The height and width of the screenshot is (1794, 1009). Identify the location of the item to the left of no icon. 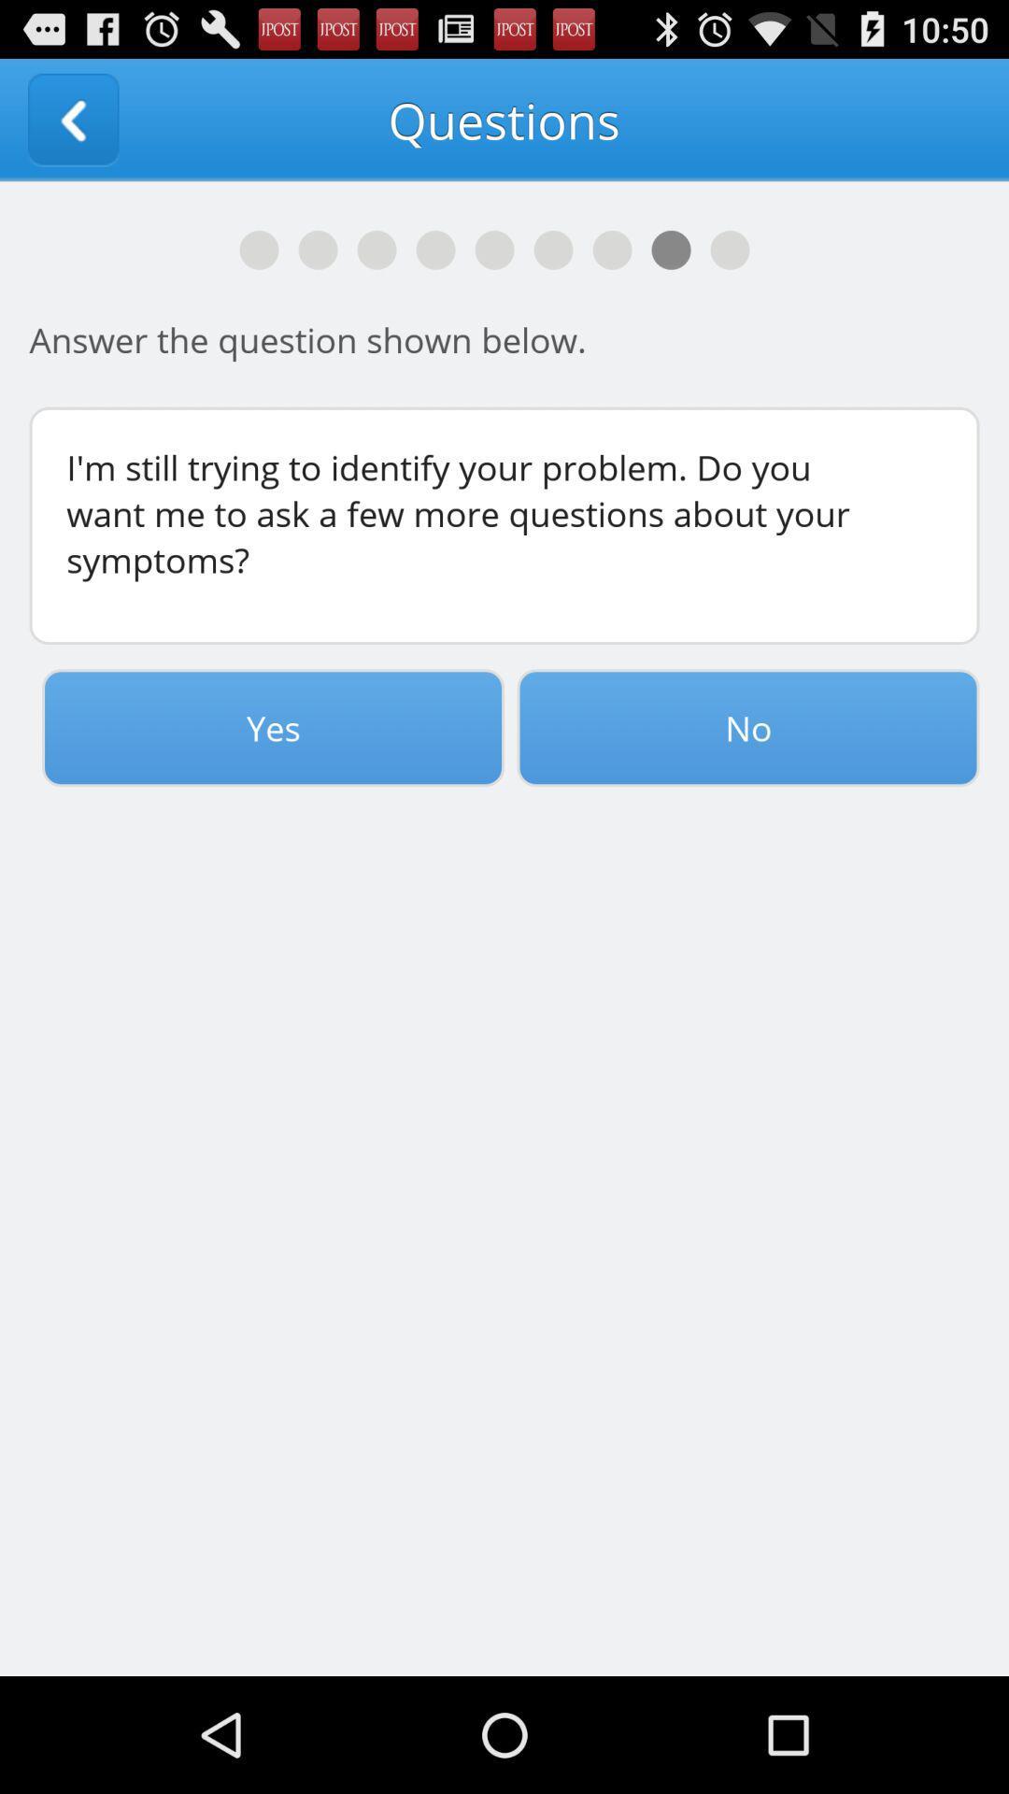
(273, 727).